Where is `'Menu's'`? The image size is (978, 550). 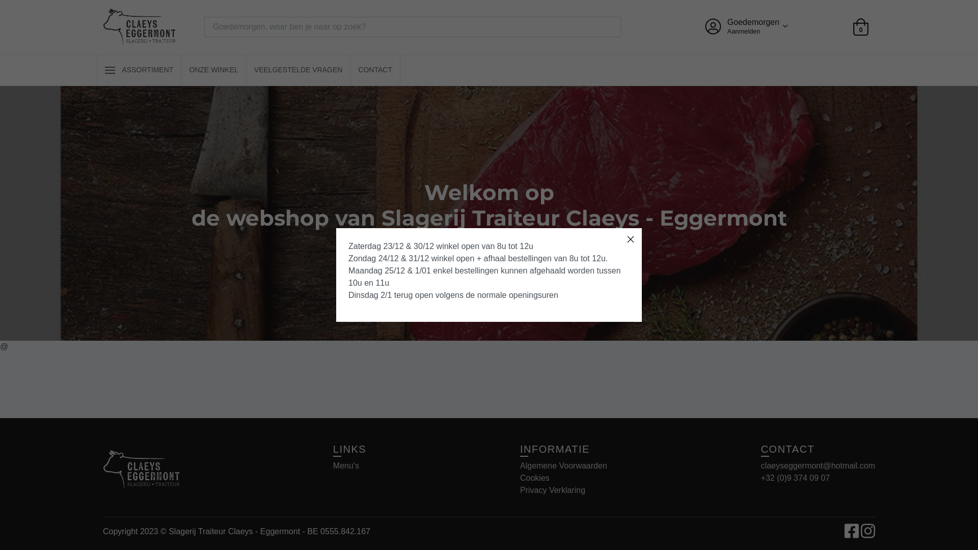 'Menu's' is located at coordinates (346, 465).